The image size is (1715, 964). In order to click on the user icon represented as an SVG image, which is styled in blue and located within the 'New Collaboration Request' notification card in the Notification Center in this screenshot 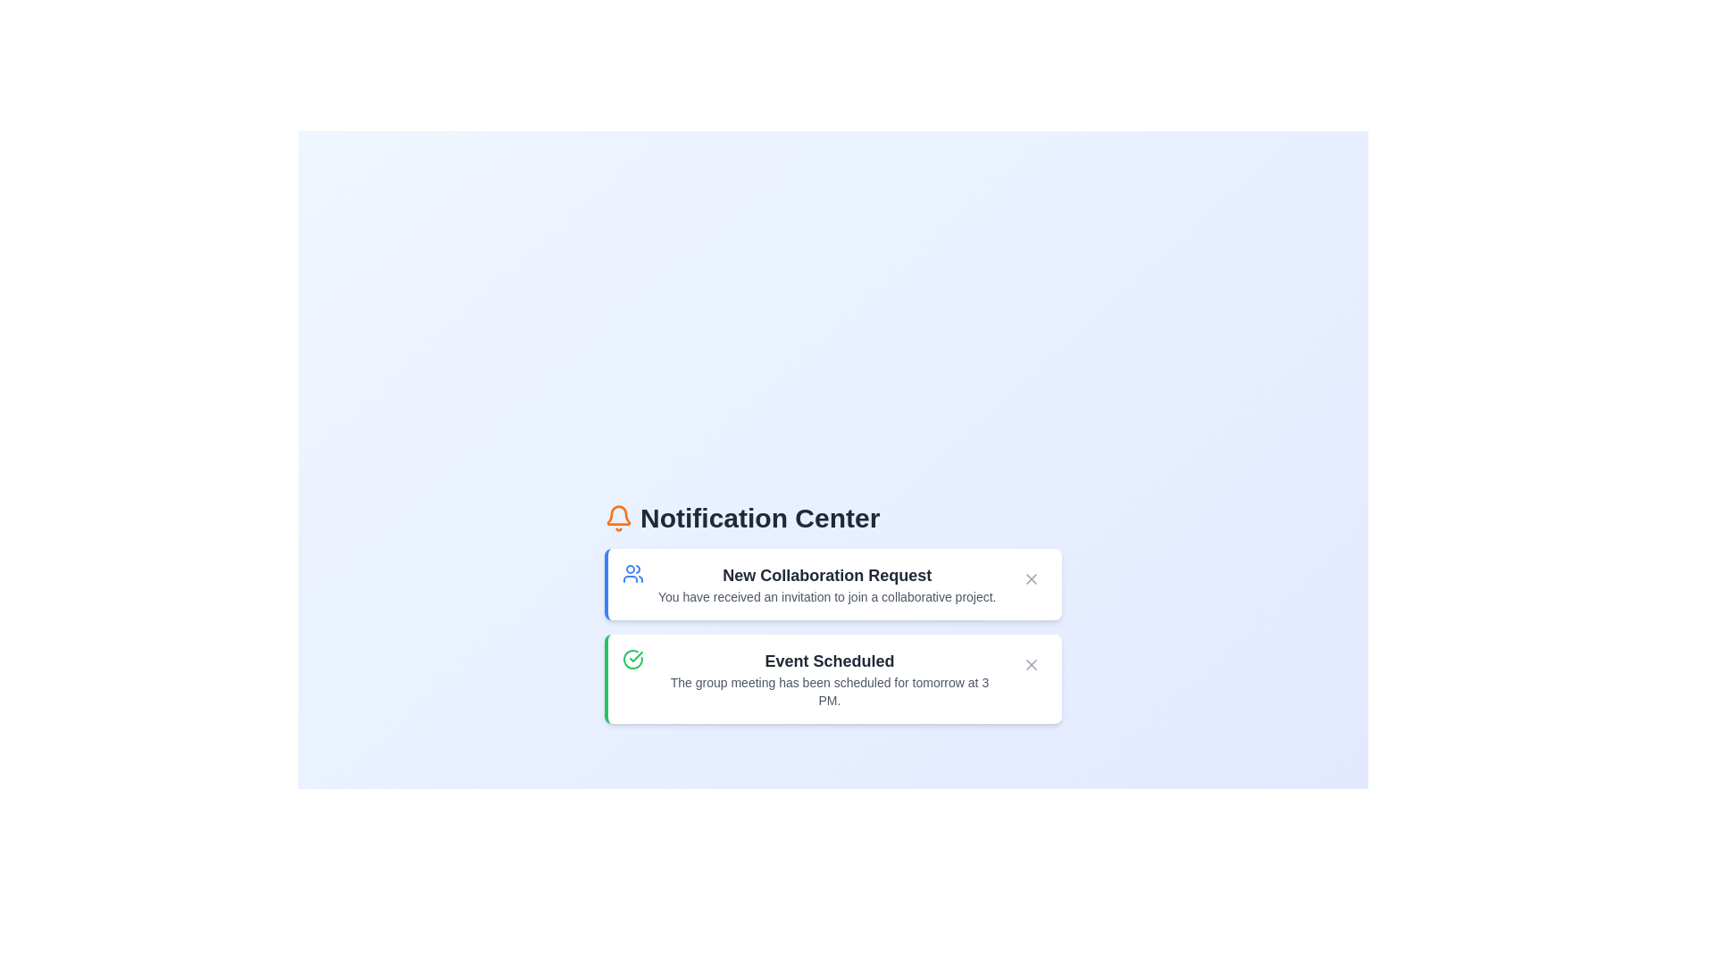, I will do `click(633, 574)`.